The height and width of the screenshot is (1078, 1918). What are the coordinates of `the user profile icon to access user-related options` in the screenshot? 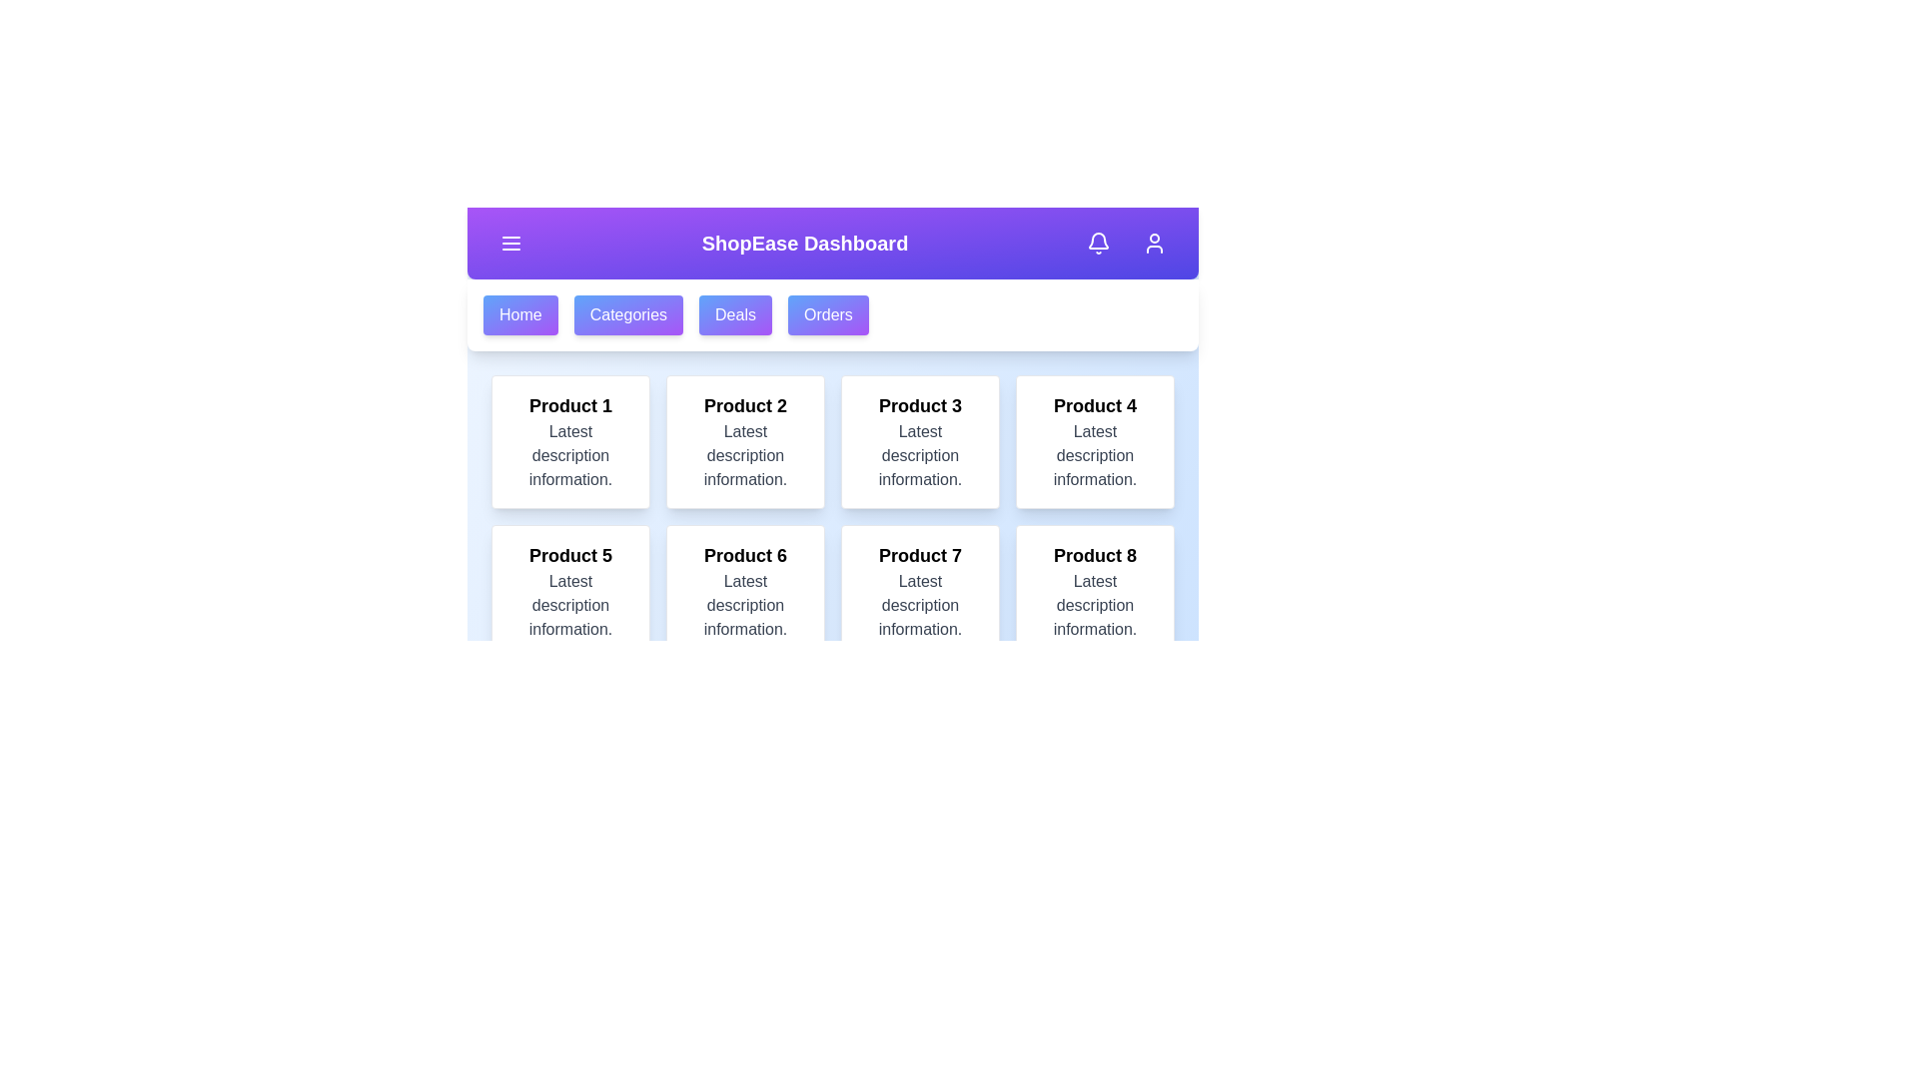 It's located at (1155, 242).